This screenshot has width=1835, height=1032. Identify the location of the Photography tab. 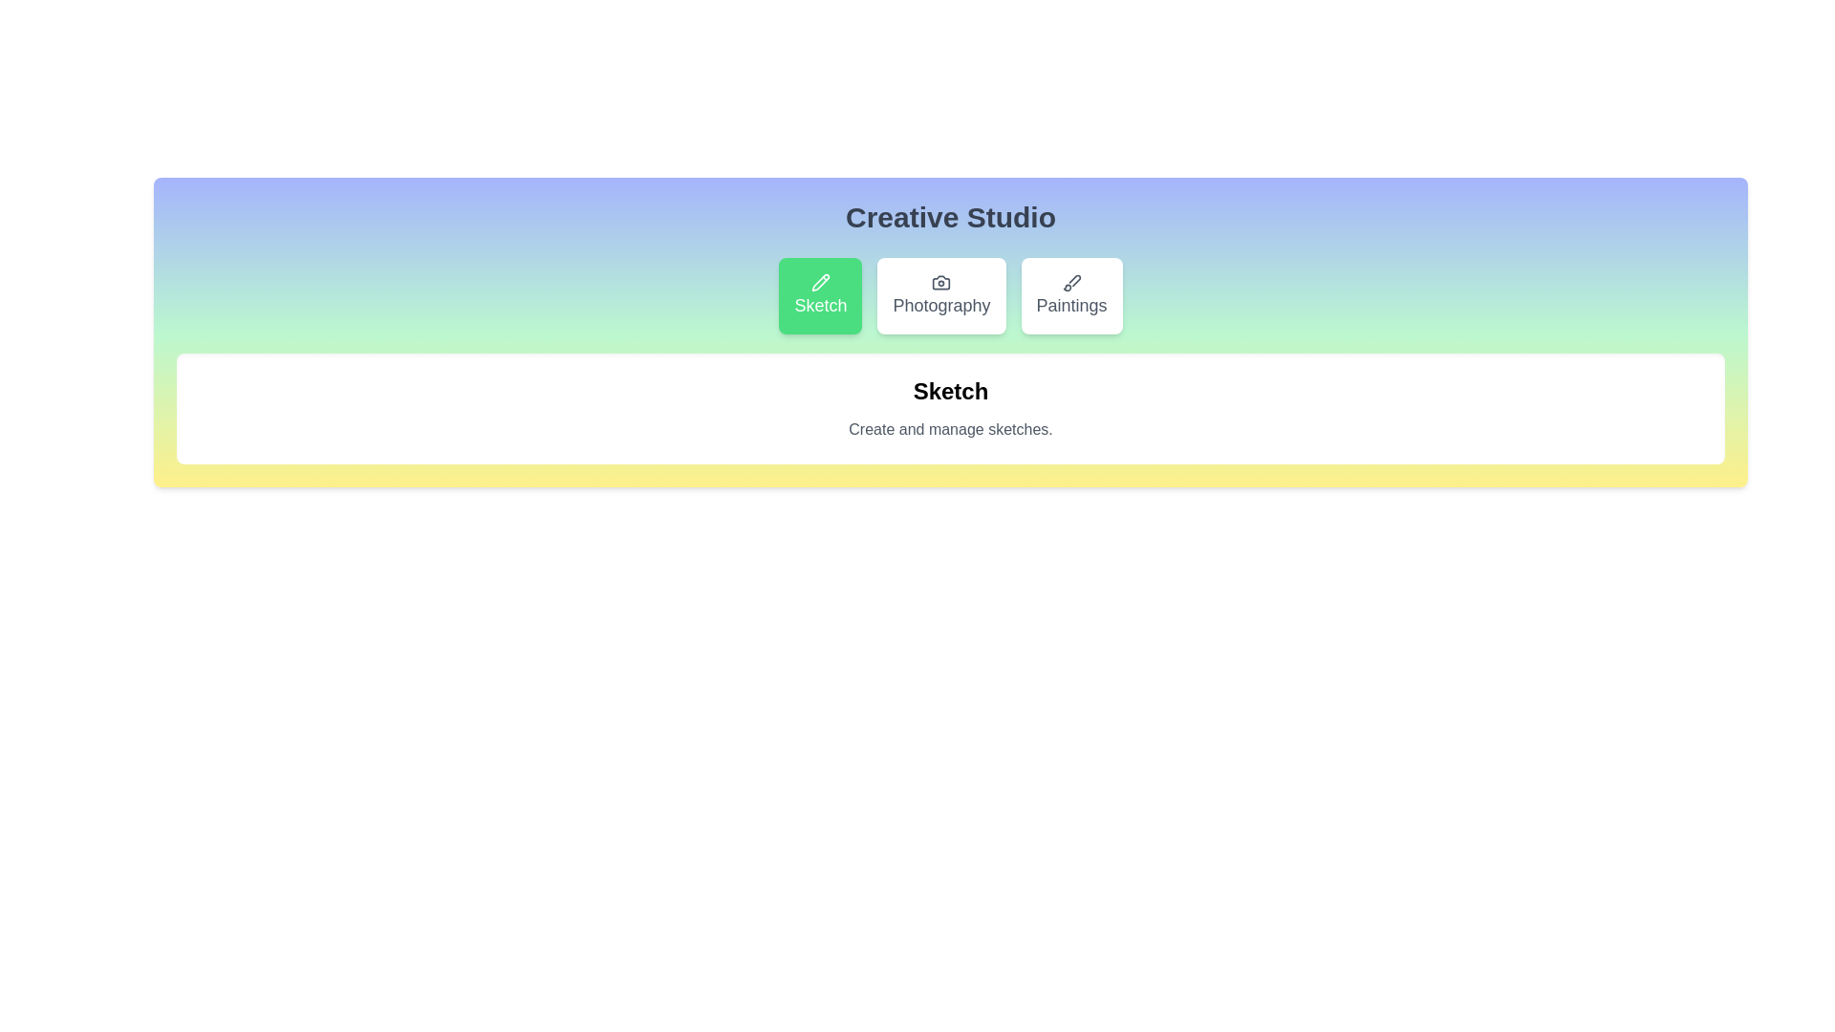
(941, 295).